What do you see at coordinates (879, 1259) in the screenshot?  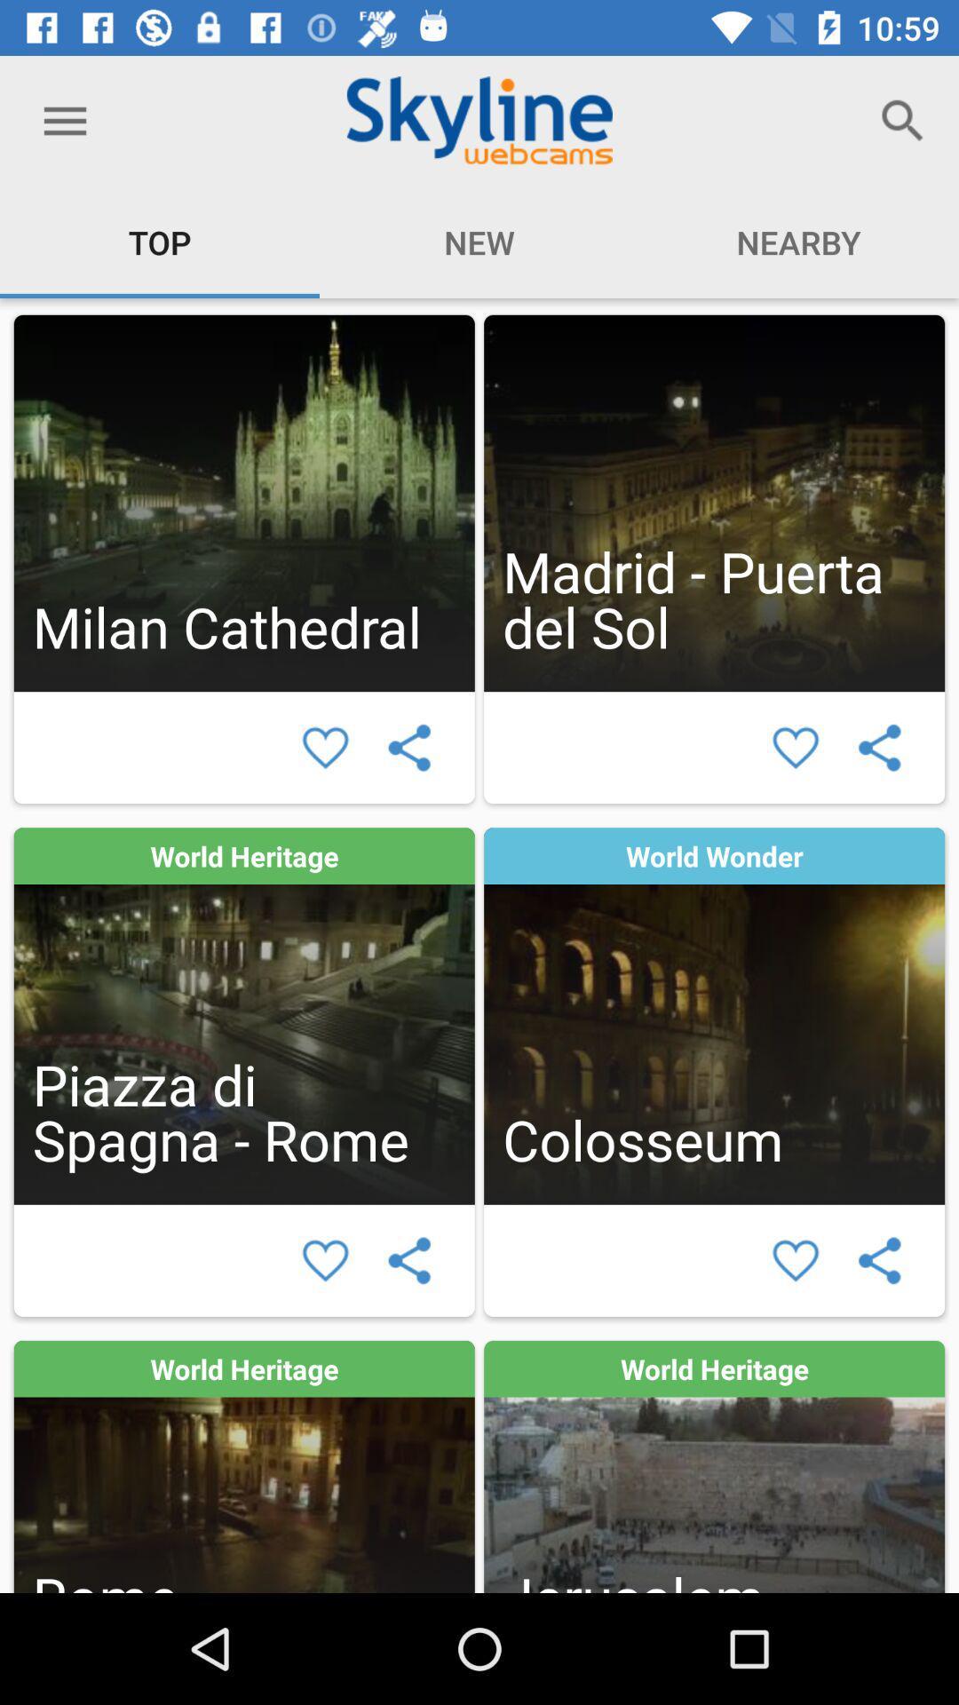 I see `share selected webcam` at bounding box center [879, 1259].